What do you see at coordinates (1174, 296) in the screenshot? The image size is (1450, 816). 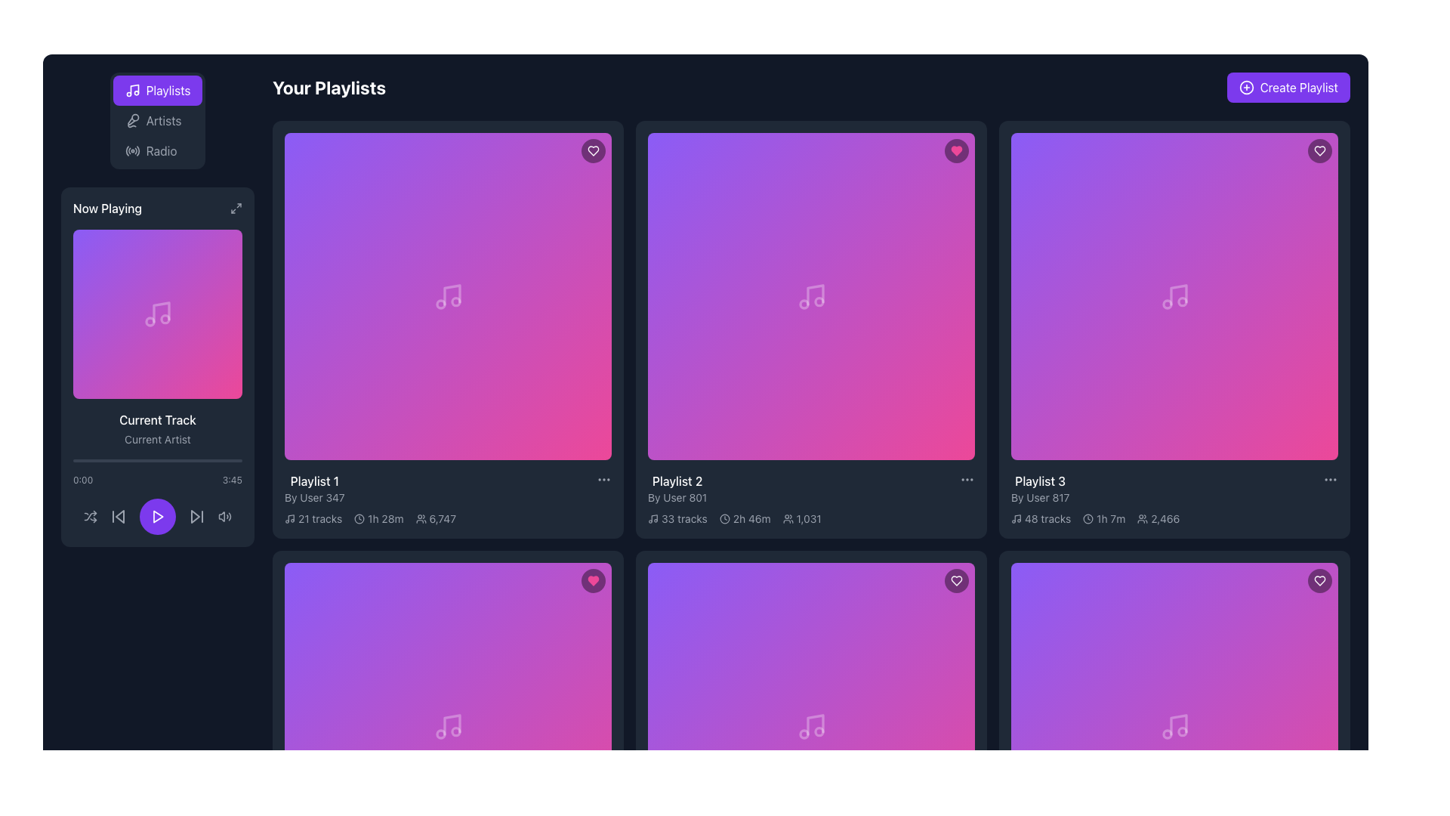 I see `the circular violet-to-purple gradient button with two connected musical notes at its center` at bounding box center [1174, 296].